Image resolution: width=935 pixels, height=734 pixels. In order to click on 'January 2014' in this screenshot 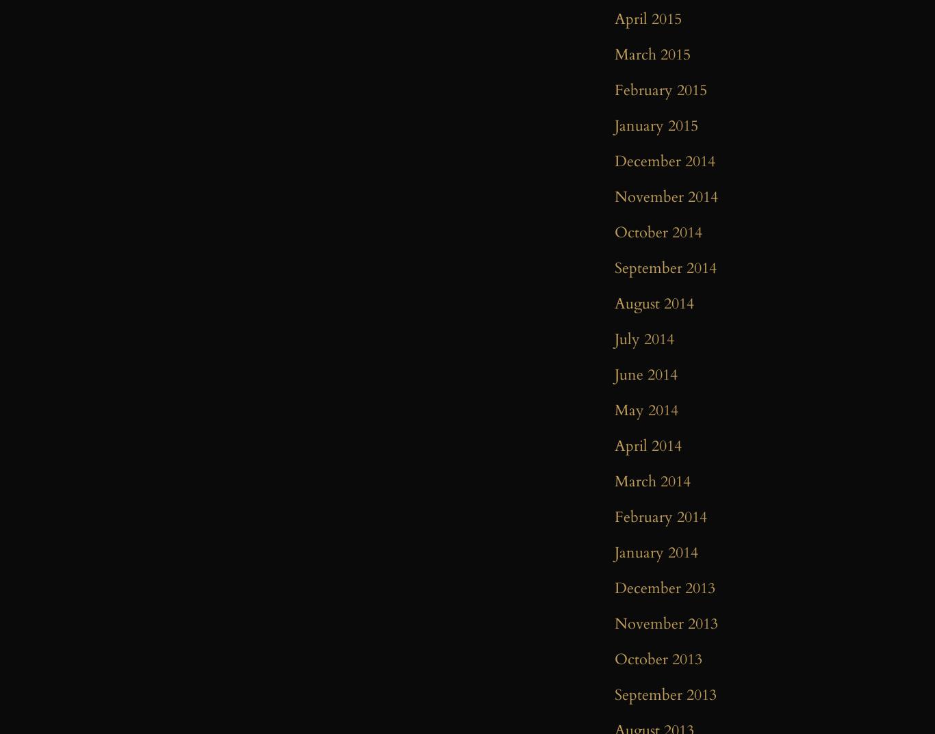, I will do `click(656, 552)`.